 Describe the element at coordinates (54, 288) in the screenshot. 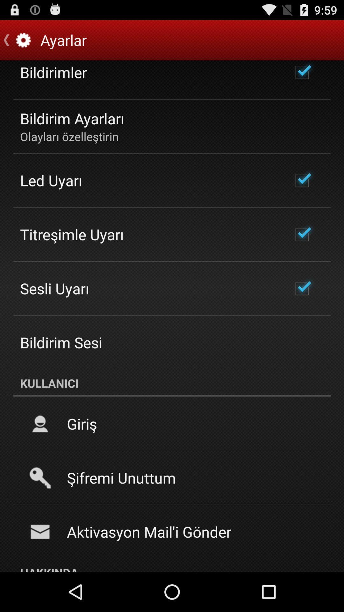

I see `the icon above bildirim sesi` at that location.